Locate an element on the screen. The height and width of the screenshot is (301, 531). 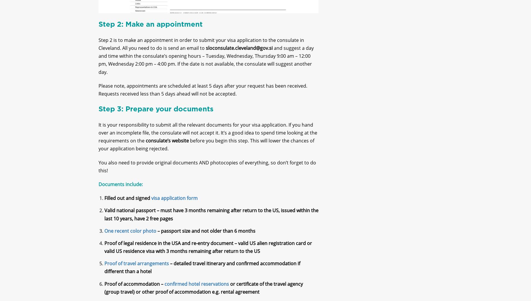
'– detailed travel itinerary and confirmed accommodation if different than a hotel' is located at coordinates (202, 272).